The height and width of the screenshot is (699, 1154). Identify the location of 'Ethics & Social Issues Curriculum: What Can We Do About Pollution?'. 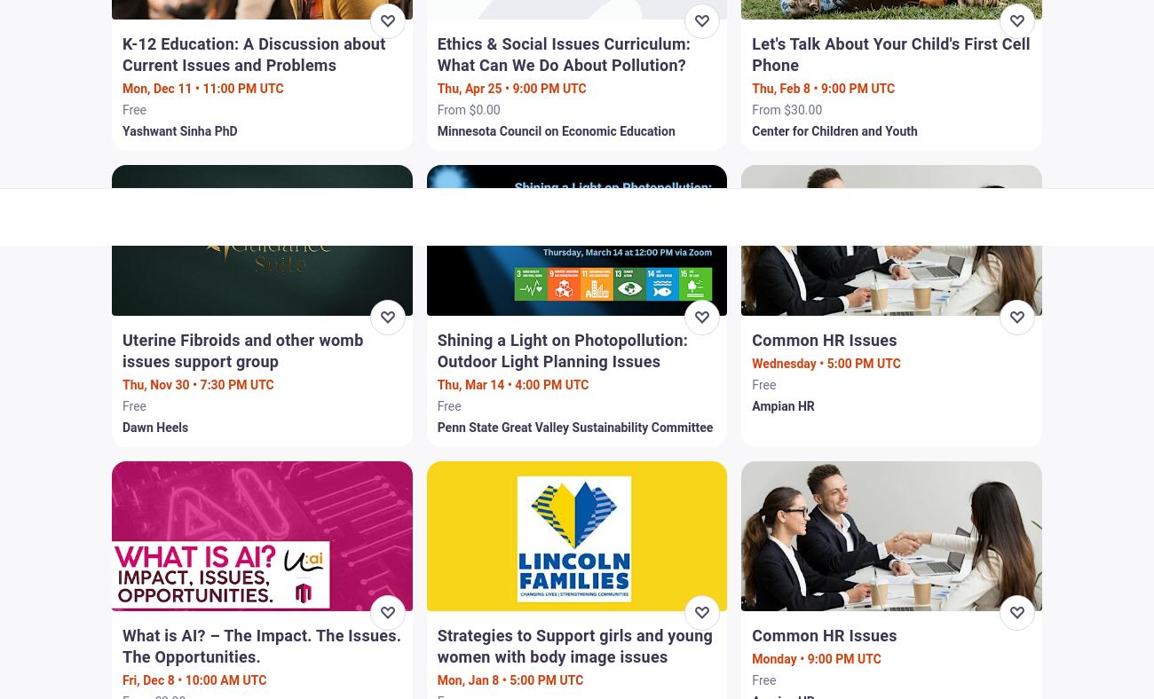
(564, 53).